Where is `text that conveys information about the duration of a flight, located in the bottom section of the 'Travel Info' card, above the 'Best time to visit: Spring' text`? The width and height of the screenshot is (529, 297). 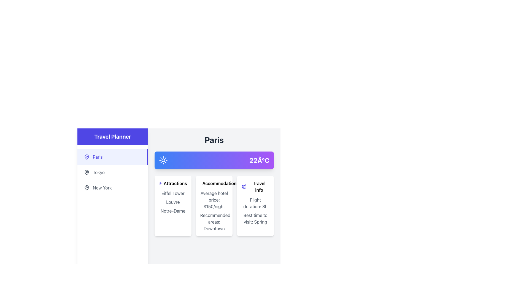
text that conveys information about the duration of a flight, located in the bottom section of the 'Travel Info' card, above the 'Best time to visit: Spring' text is located at coordinates (255, 203).